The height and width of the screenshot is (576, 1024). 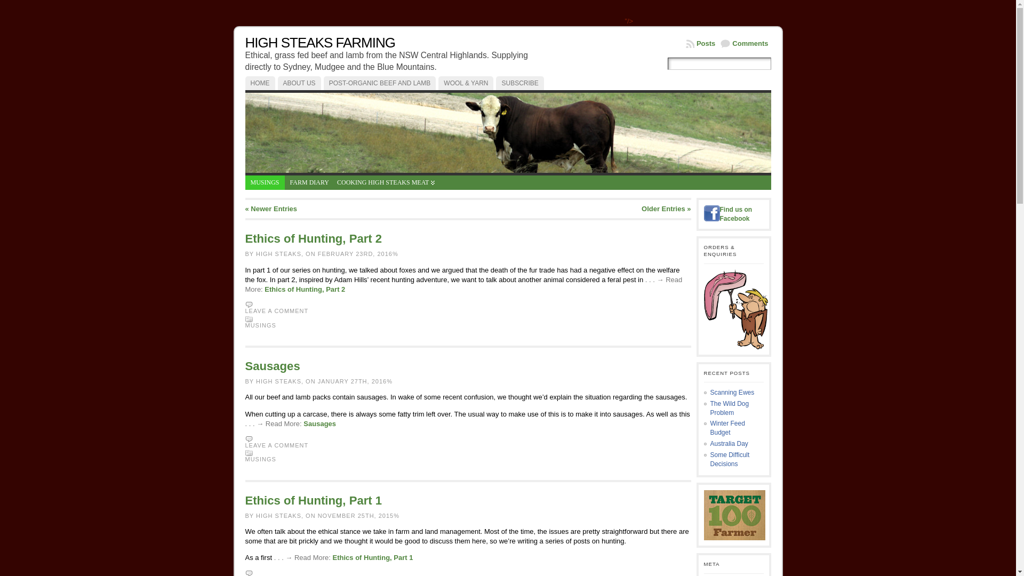 I want to click on 'SUBSCRIBE', so click(x=519, y=82).